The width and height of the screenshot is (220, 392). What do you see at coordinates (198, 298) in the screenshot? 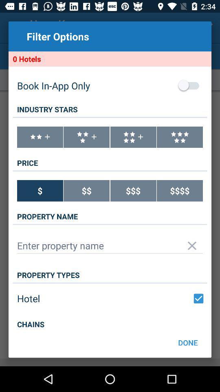
I see `check/uncheck hotel option` at bounding box center [198, 298].